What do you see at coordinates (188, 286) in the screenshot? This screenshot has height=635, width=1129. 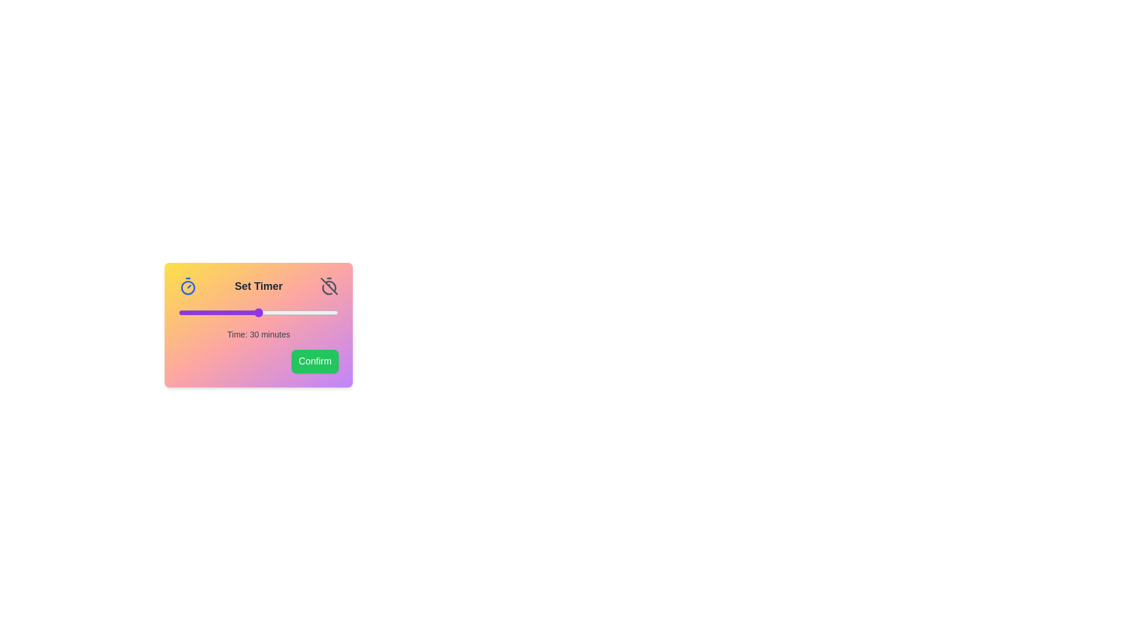 I see `the timer icon to initiate the interaction` at bounding box center [188, 286].